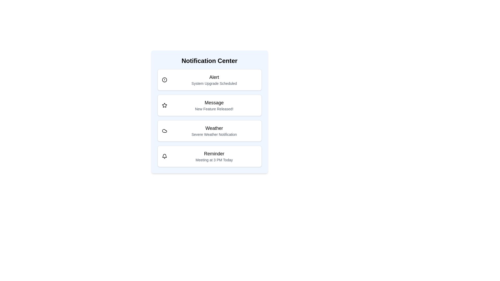 The width and height of the screenshot is (500, 281). I want to click on the notification item labeled 'Weather', so click(209, 130).